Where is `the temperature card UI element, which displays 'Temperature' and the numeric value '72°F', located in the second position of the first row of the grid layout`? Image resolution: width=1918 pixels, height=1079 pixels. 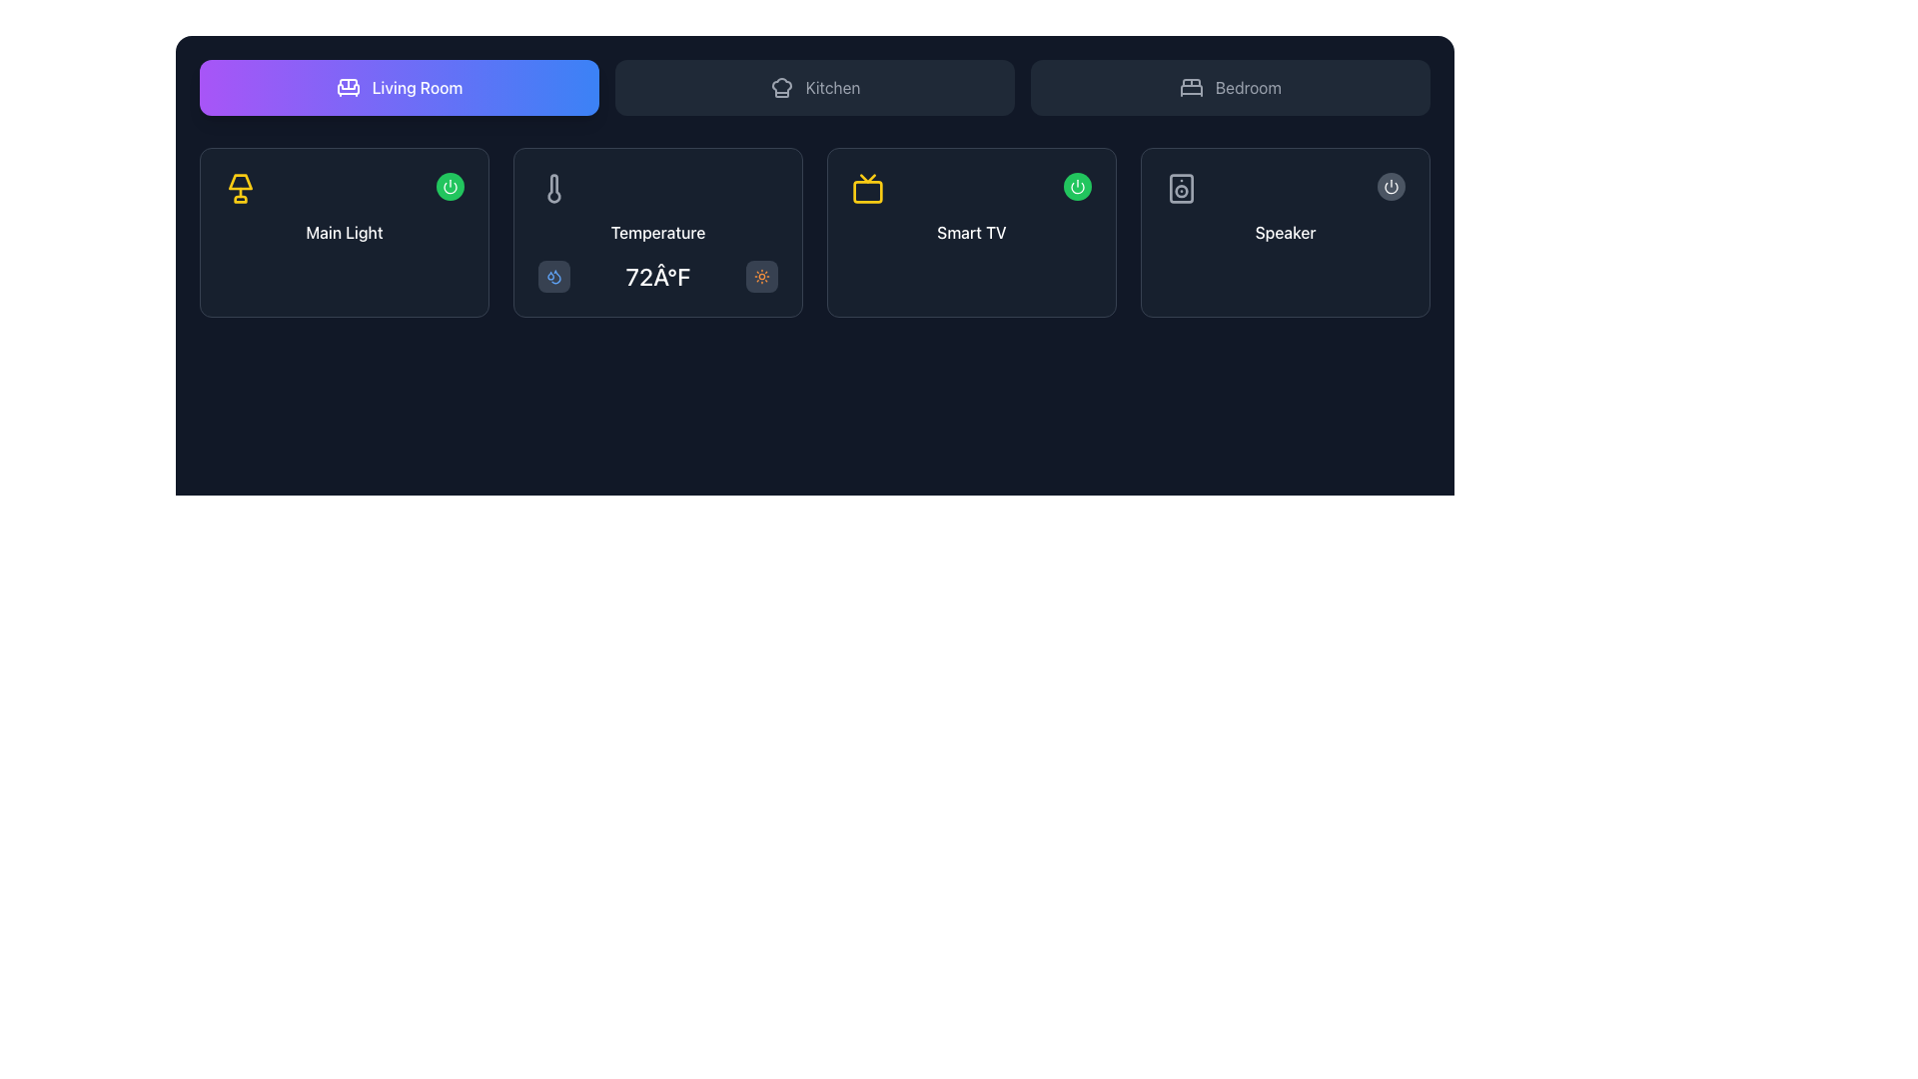 the temperature card UI element, which displays 'Temperature' and the numeric value '72°F', located in the second position of the first row of the grid layout is located at coordinates (657, 231).